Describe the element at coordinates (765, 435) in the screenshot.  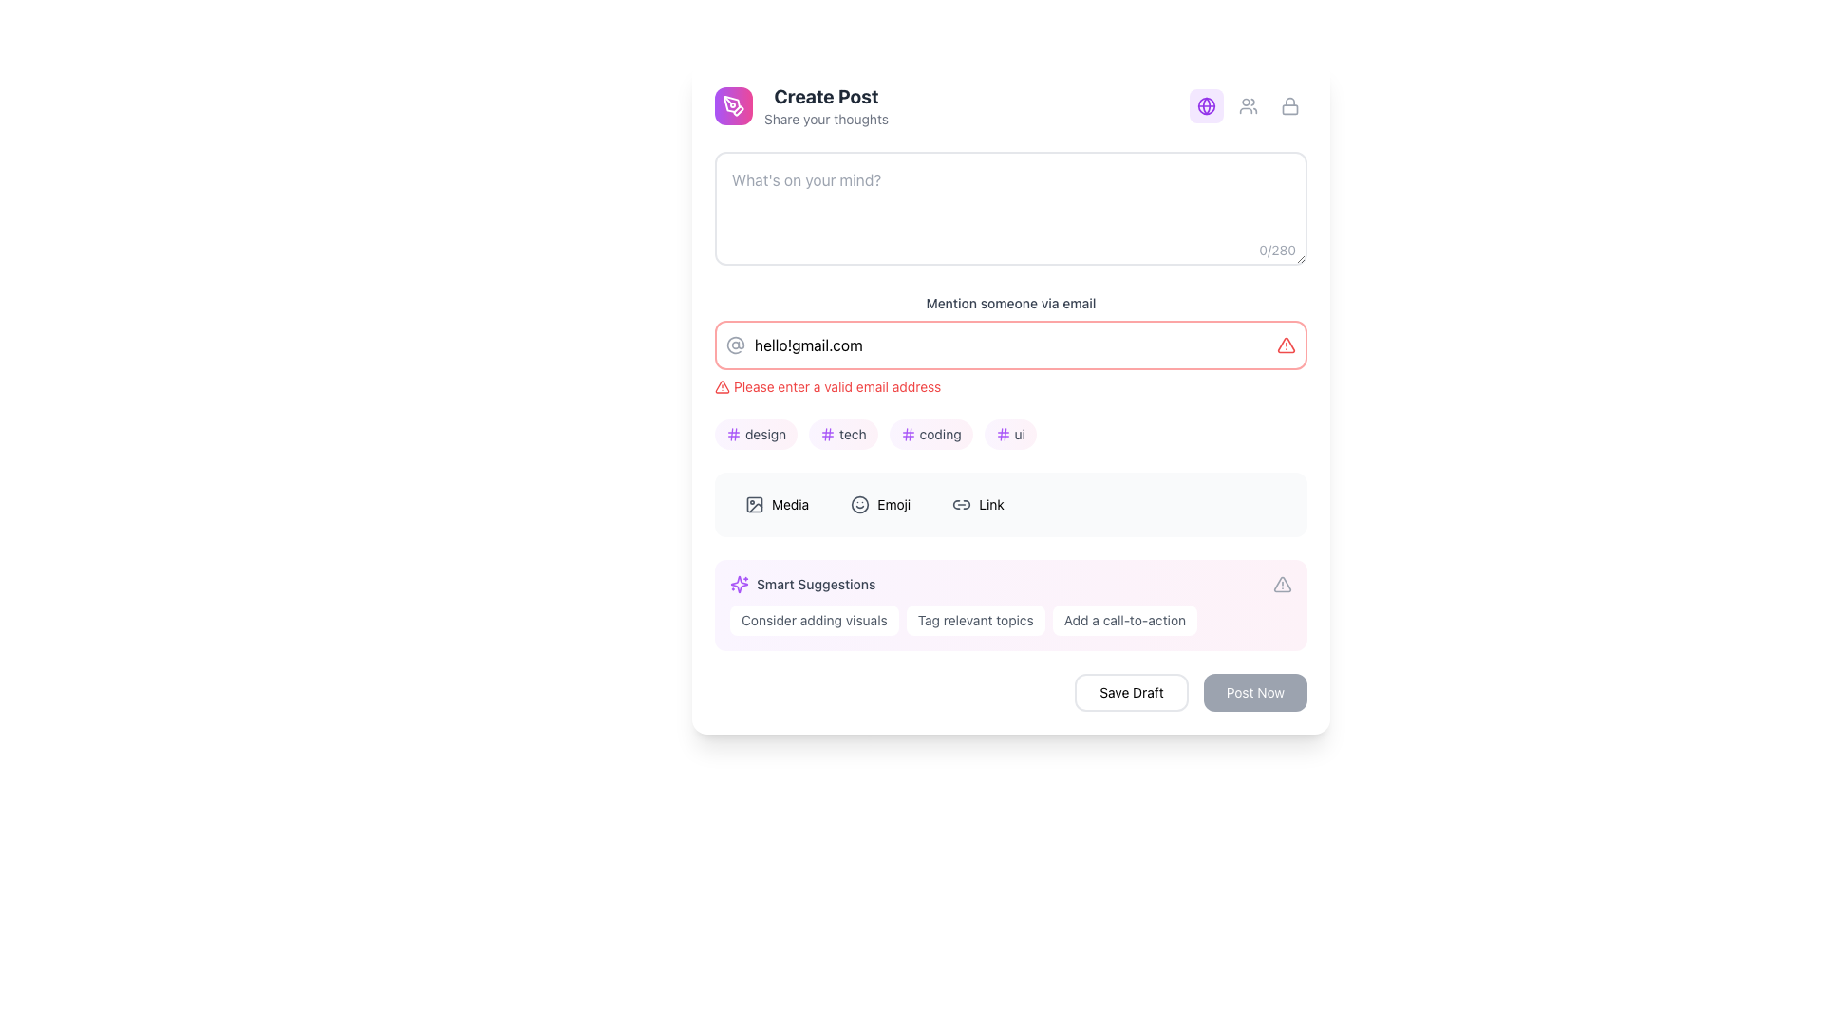
I see `the text label within the rounded, gradient-filled button that transitions from purple to pink` at that location.